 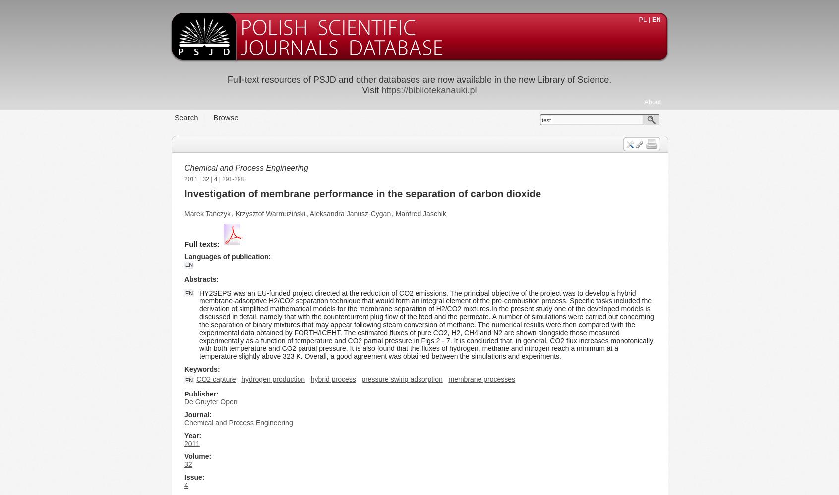 I want to click on 'Issue', so click(x=193, y=477).